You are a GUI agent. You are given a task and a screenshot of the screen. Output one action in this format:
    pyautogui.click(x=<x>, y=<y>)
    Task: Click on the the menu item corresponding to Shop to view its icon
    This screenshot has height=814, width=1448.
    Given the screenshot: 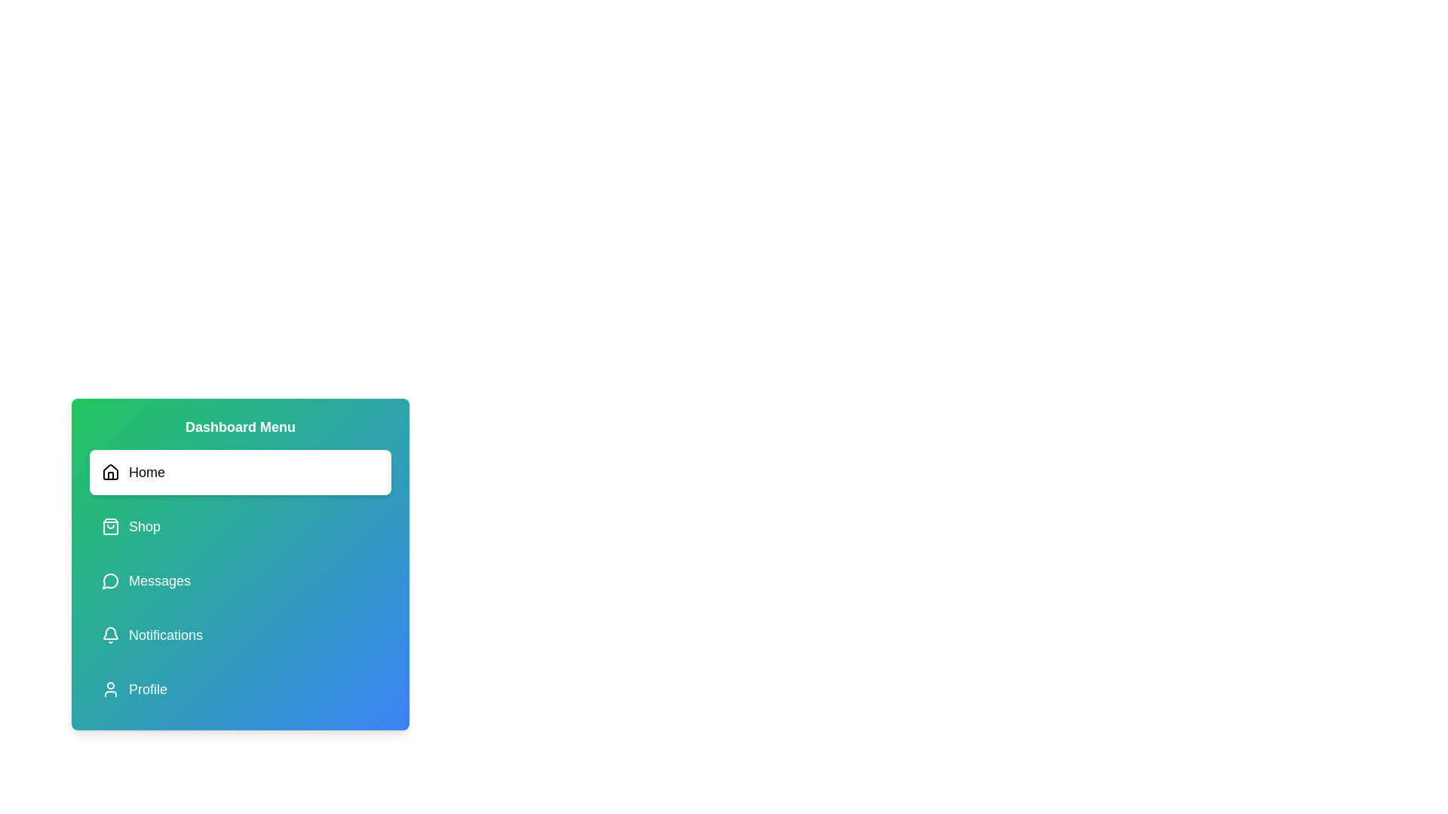 What is the action you would take?
    pyautogui.click(x=239, y=525)
    